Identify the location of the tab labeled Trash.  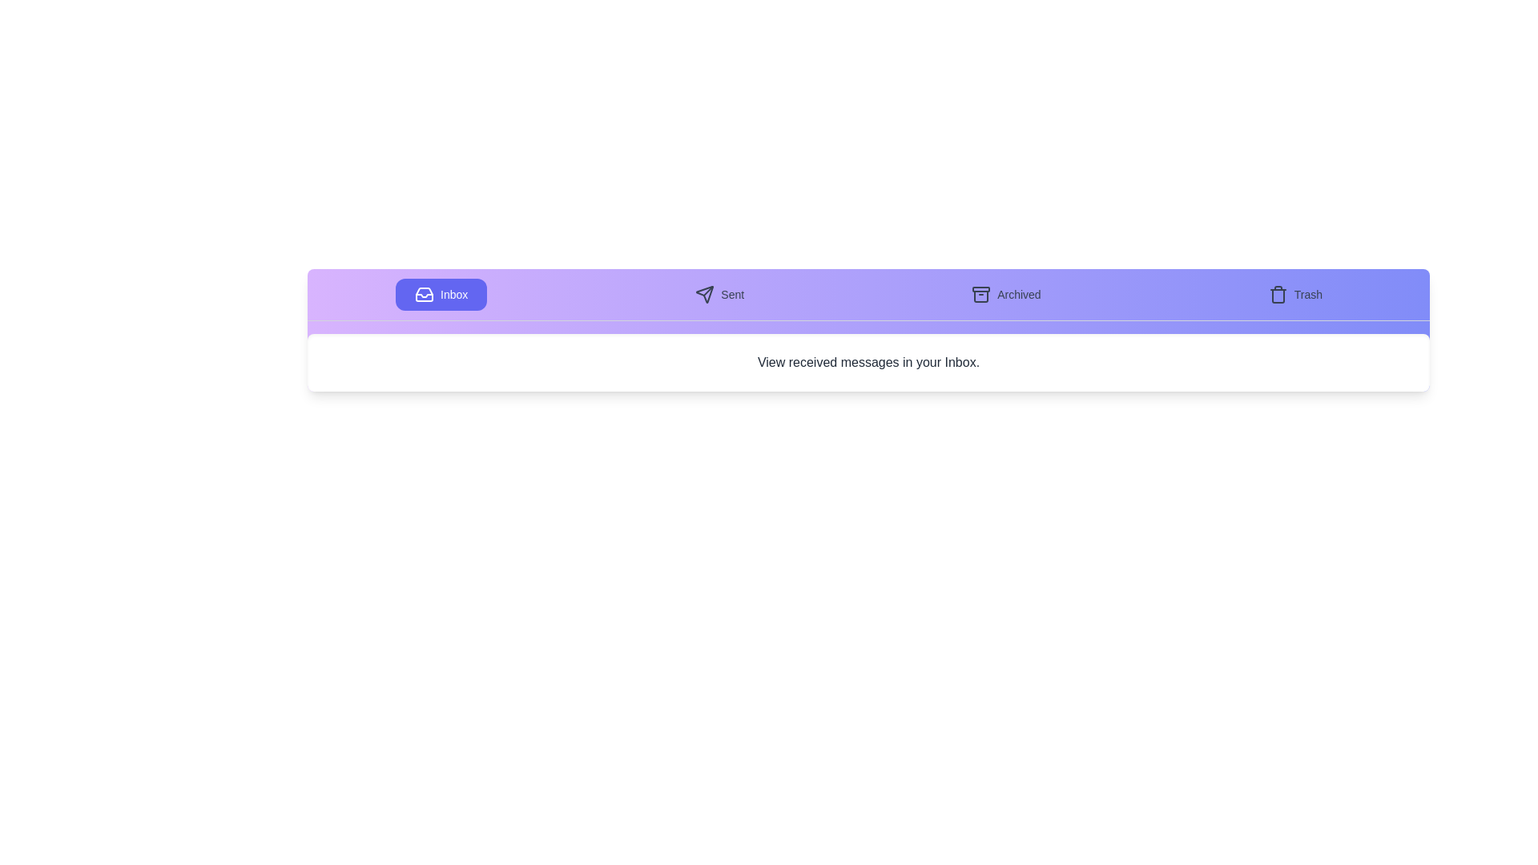
(1295, 294).